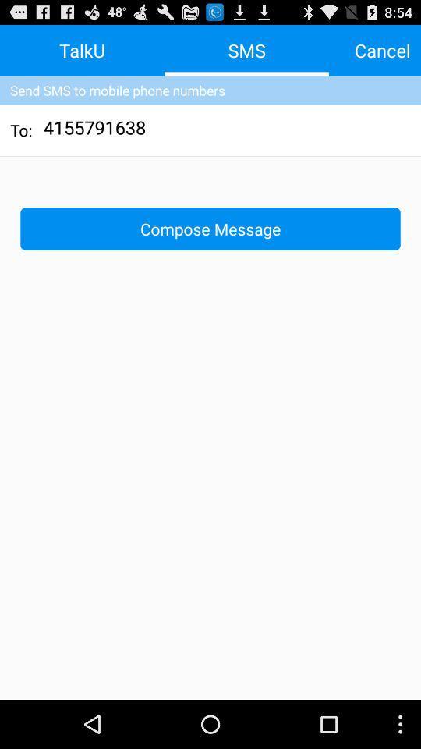 The image size is (421, 749). What do you see at coordinates (381, 50) in the screenshot?
I see `the cancel button` at bounding box center [381, 50].